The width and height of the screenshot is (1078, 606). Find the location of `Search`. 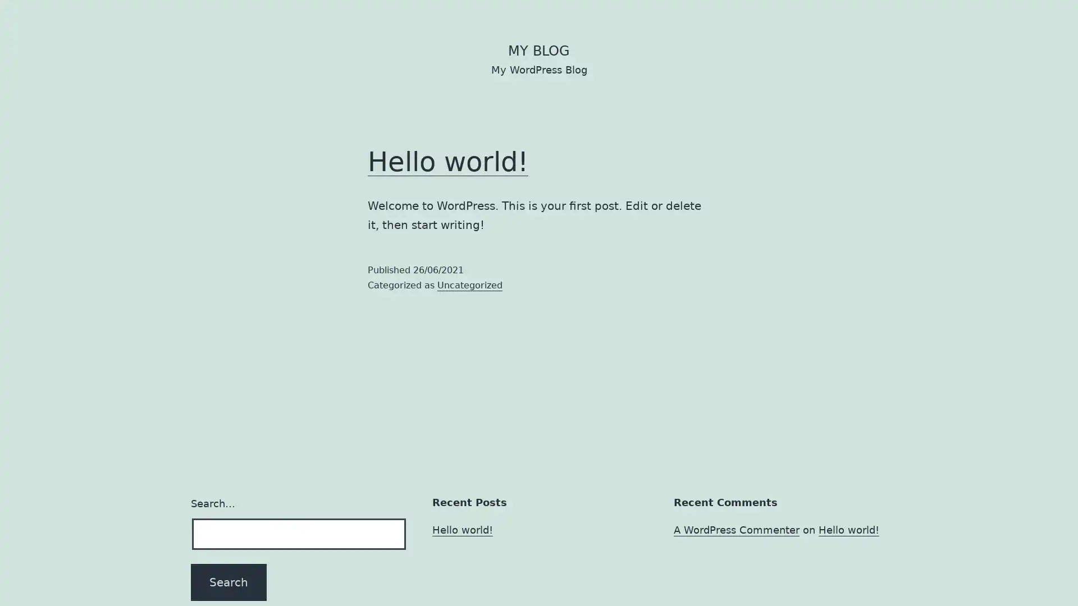

Search is located at coordinates (228, 581).